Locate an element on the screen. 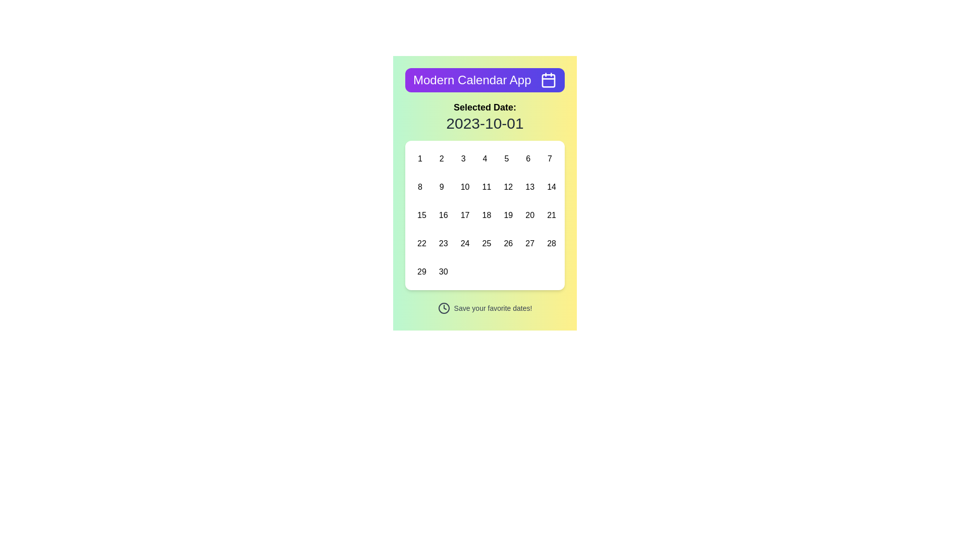 The width and height of the screenshot is (969, 545). the button labeled '3' in the calendar interface is located at coordinates (462, 159).